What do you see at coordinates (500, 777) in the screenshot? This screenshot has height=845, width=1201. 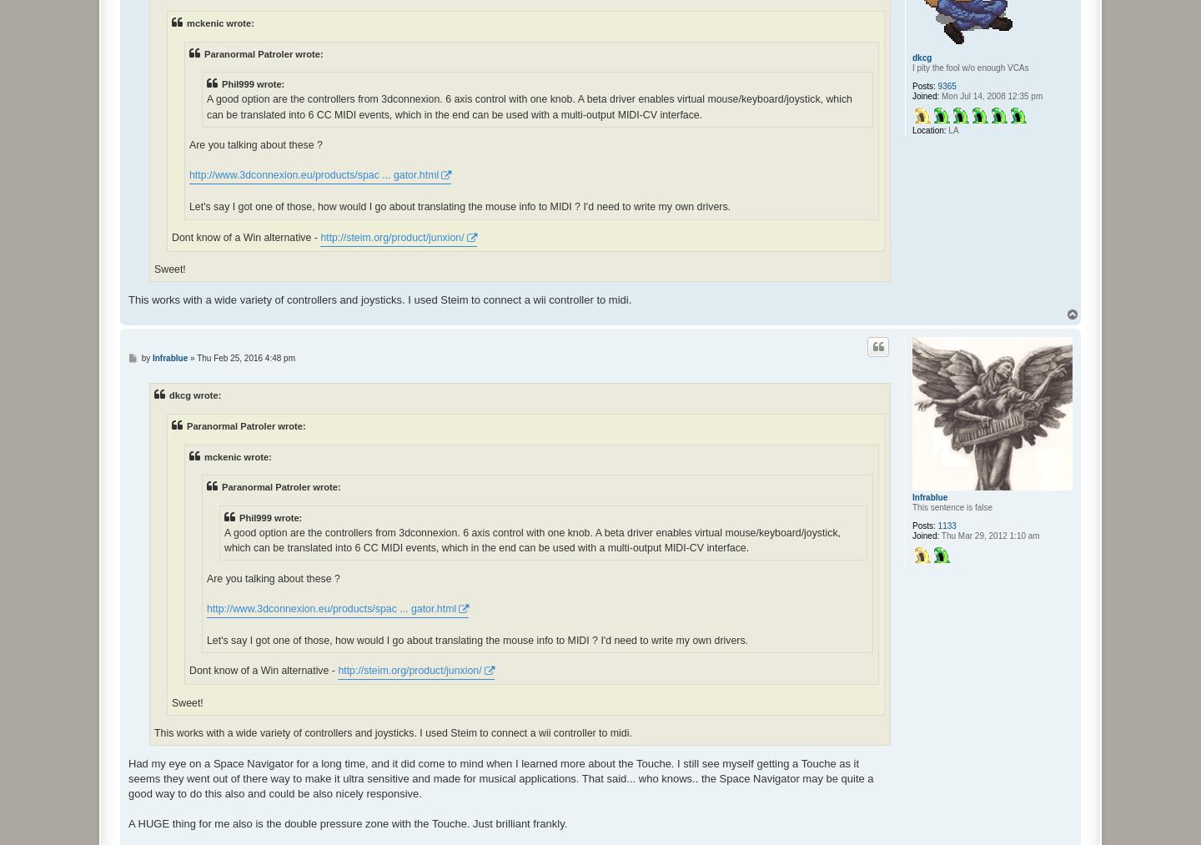 I see `'Had my eye on a Space Navigator for a long time, and it did come to mind when I learned more about the Touche.  I still see myself getting a Touche as it seems they went out of there way to make it ultra sensitive and made for musical applications.  That said... who knows.. the Space Navigator may be quite a good way to do this also and could be also nicely responsive.'` at bounding box center [500, 777].